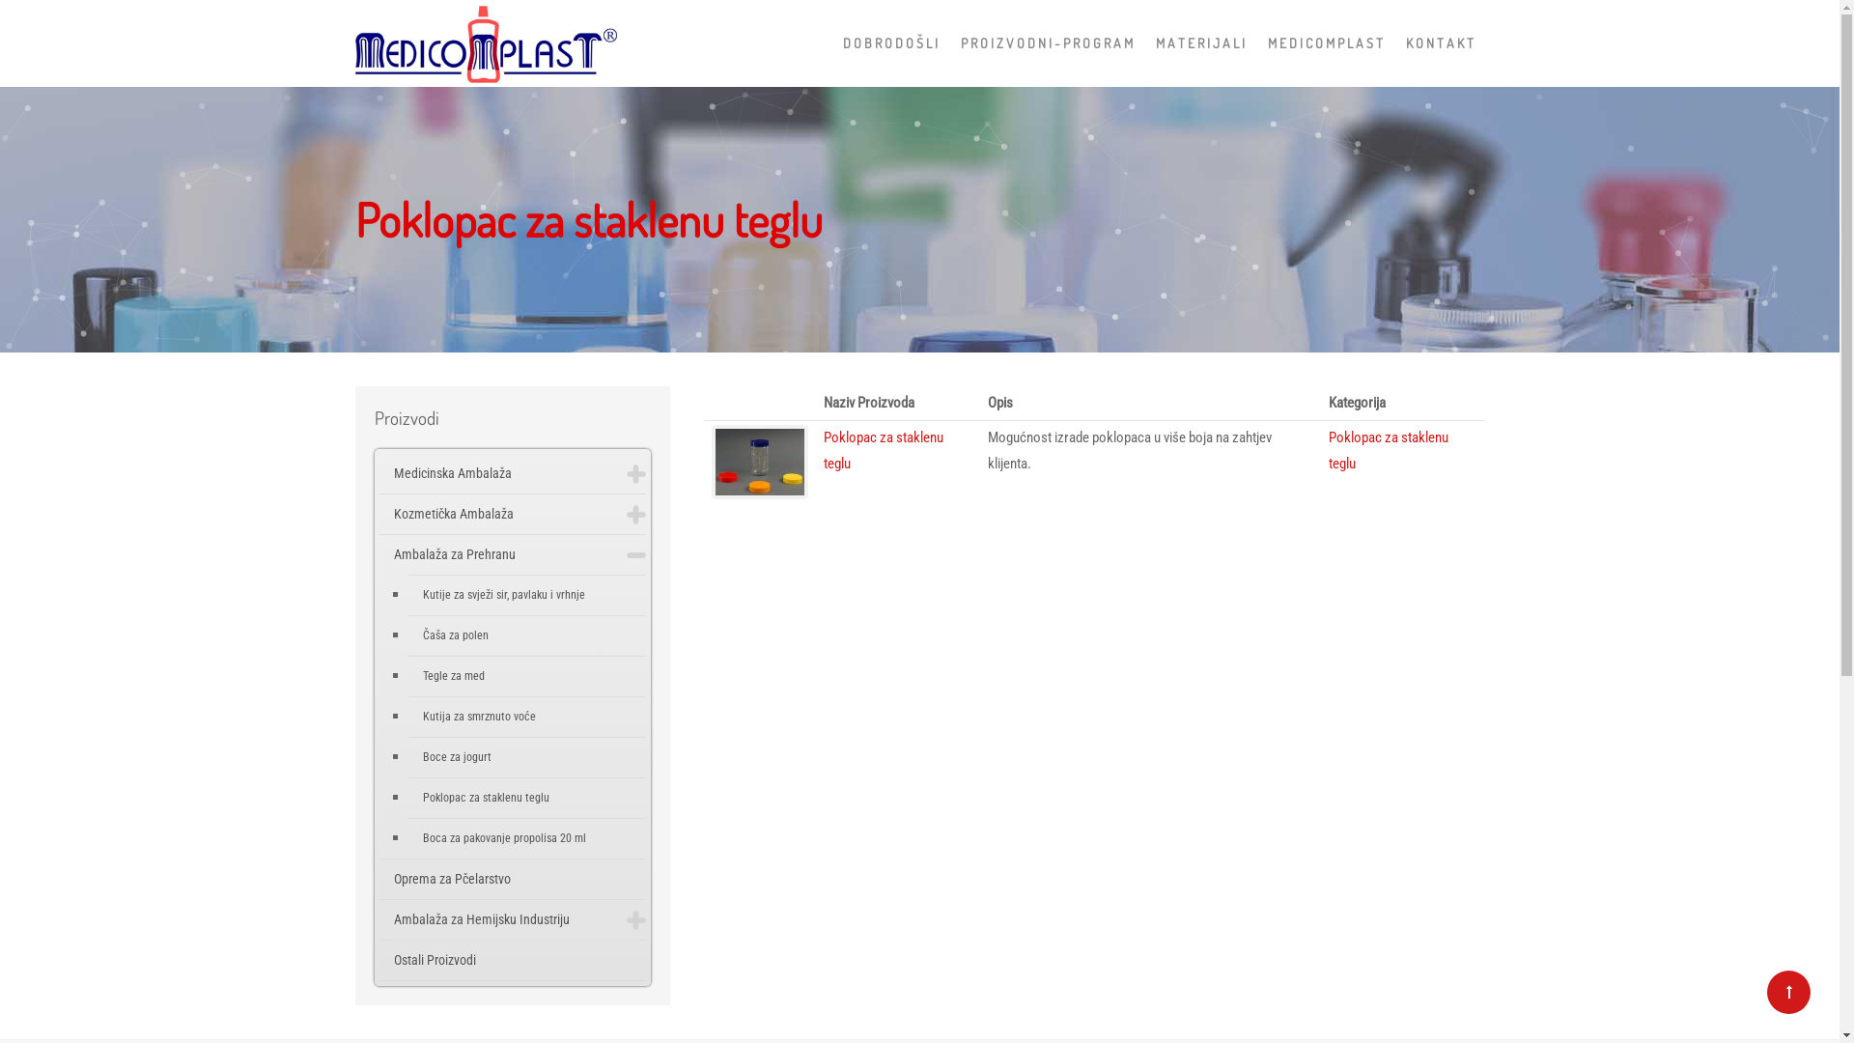 This screenshot has height=1043, width=1854. What do you see at coordinates (512, 960) in the screenshot?
I see `'Ostali Proizvodi'` at bounding box center [512, 960].